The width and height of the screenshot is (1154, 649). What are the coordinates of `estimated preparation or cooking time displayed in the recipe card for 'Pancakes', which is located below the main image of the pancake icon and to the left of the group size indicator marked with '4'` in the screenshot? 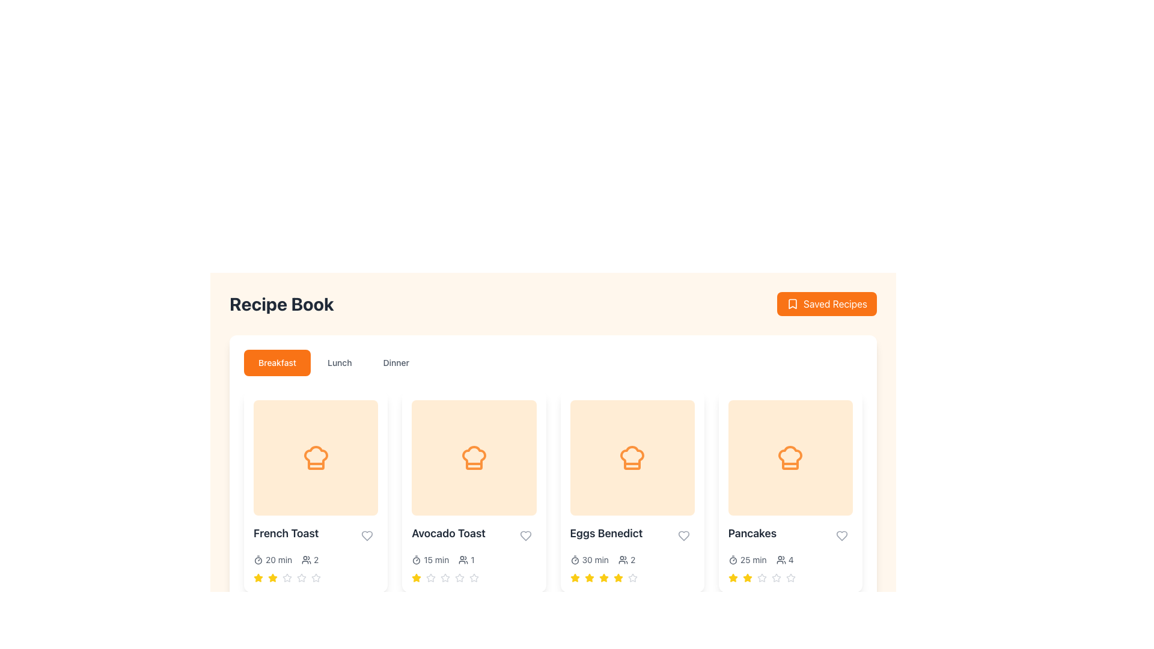 It's located at (746, 560).